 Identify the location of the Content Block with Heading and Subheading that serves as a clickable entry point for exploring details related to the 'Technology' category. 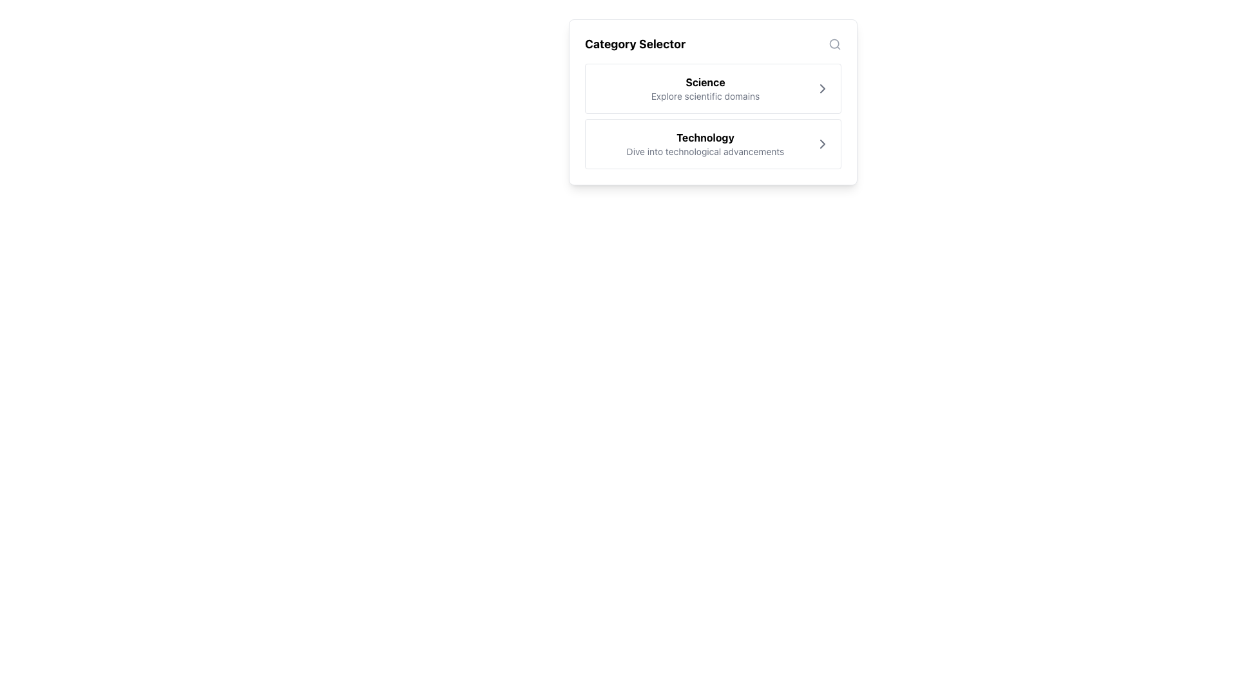
(704, 144).